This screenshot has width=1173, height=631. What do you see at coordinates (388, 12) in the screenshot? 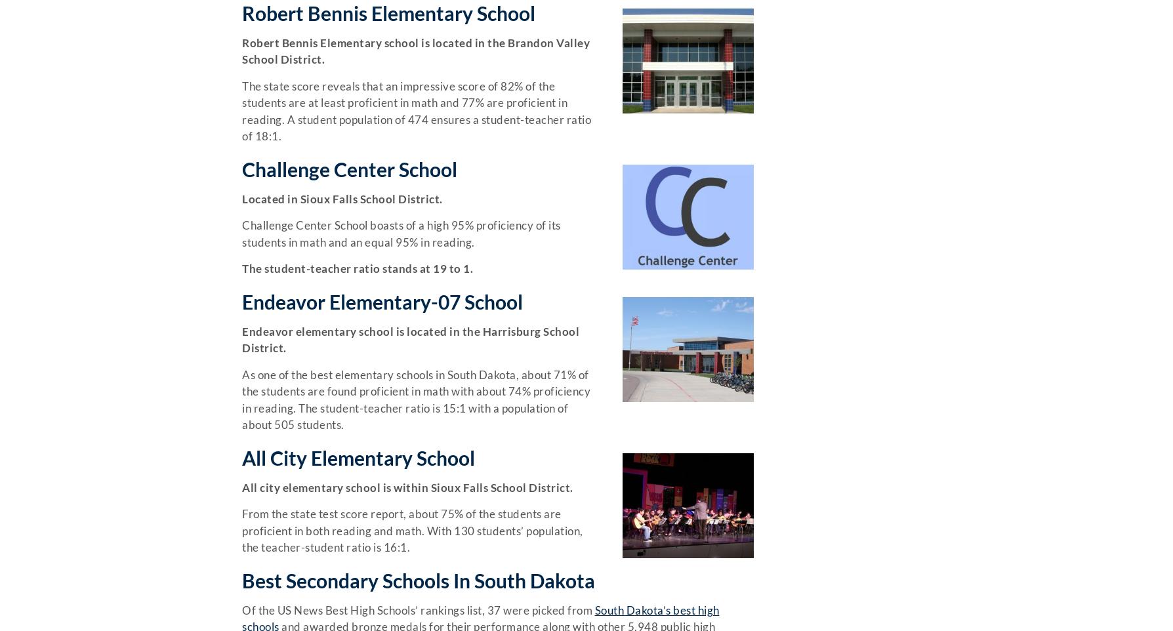
I see `'Robert Bennis Elementary School'` at bounding box center [388, 12].